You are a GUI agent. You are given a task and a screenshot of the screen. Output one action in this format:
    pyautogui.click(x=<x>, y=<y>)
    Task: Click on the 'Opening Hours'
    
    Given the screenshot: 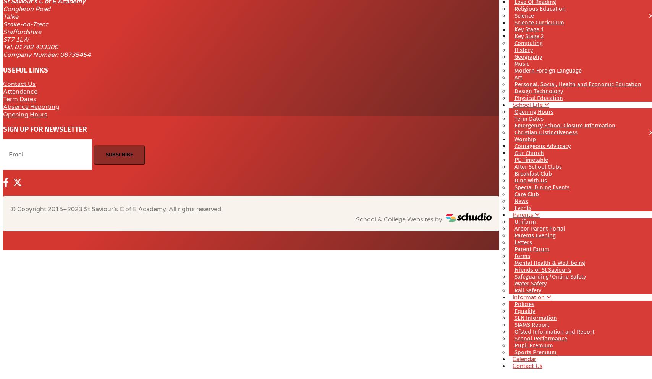 What is the action you would take?
    pyautogui.click(x=25, y=114)
    